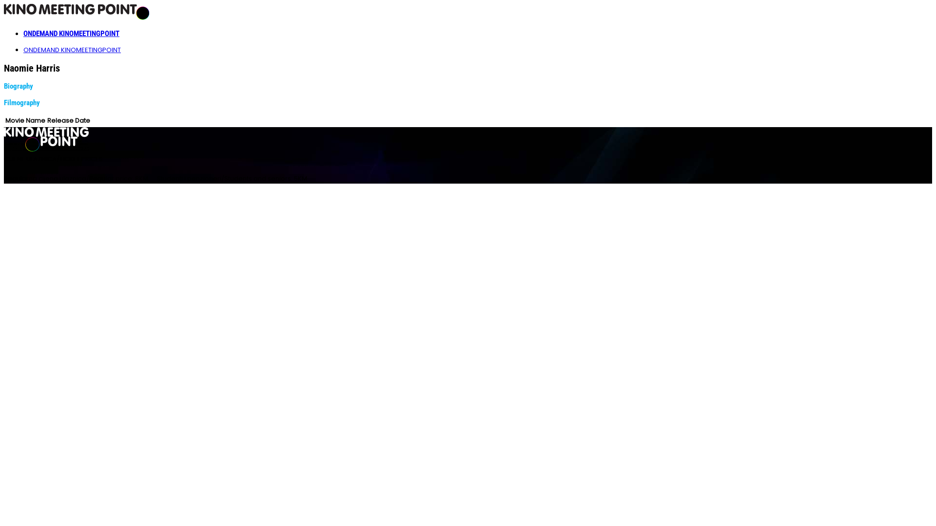  What do you see at coordinates (71, 33) in the screenshot?
I see `'ONDEMAND KINOMEETINGPOINT'` at bounding box center [71, 33].